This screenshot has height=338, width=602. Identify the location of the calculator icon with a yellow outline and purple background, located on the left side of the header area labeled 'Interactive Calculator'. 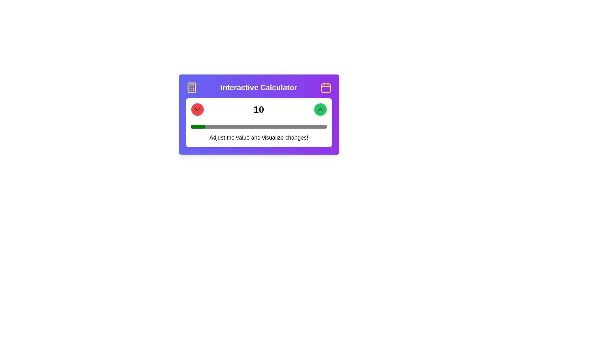
(191, 88).